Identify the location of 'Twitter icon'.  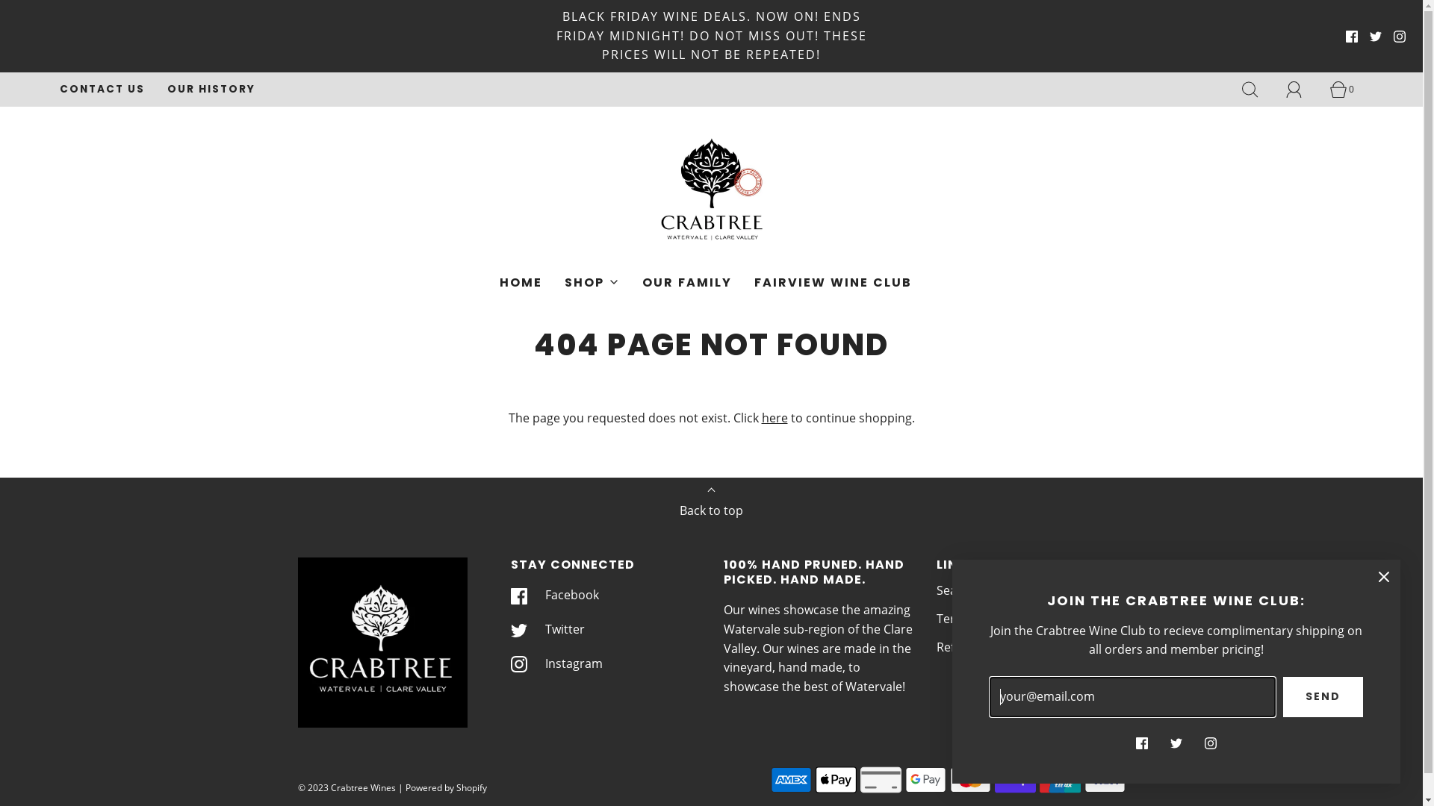
(1175, 743).